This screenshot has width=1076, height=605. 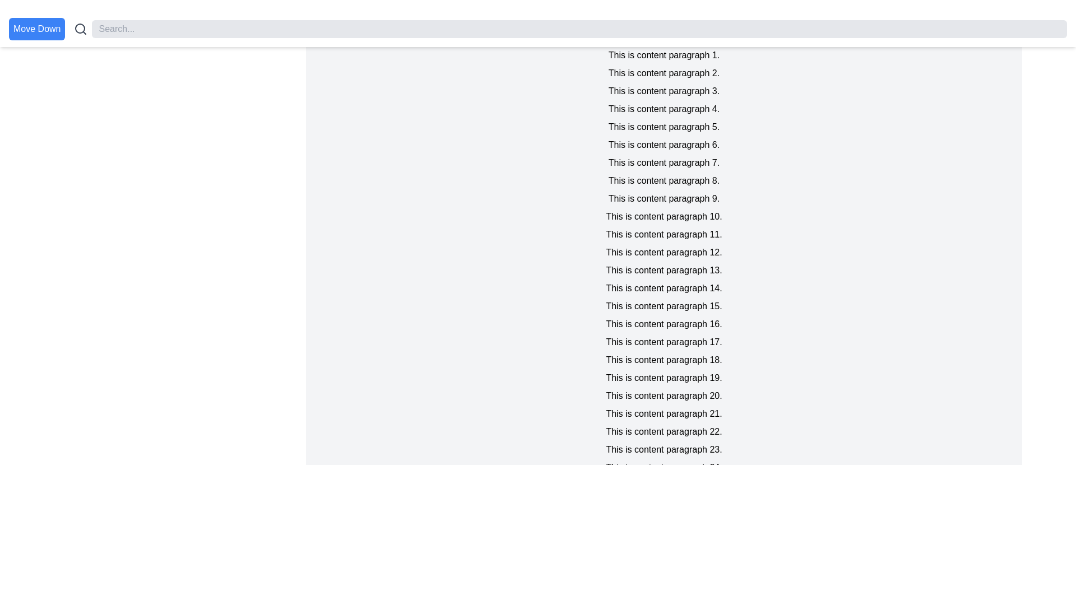 I want to click on the 10th paragraph which says 'This is content paragraph 10.', so click(x=664, y=216).